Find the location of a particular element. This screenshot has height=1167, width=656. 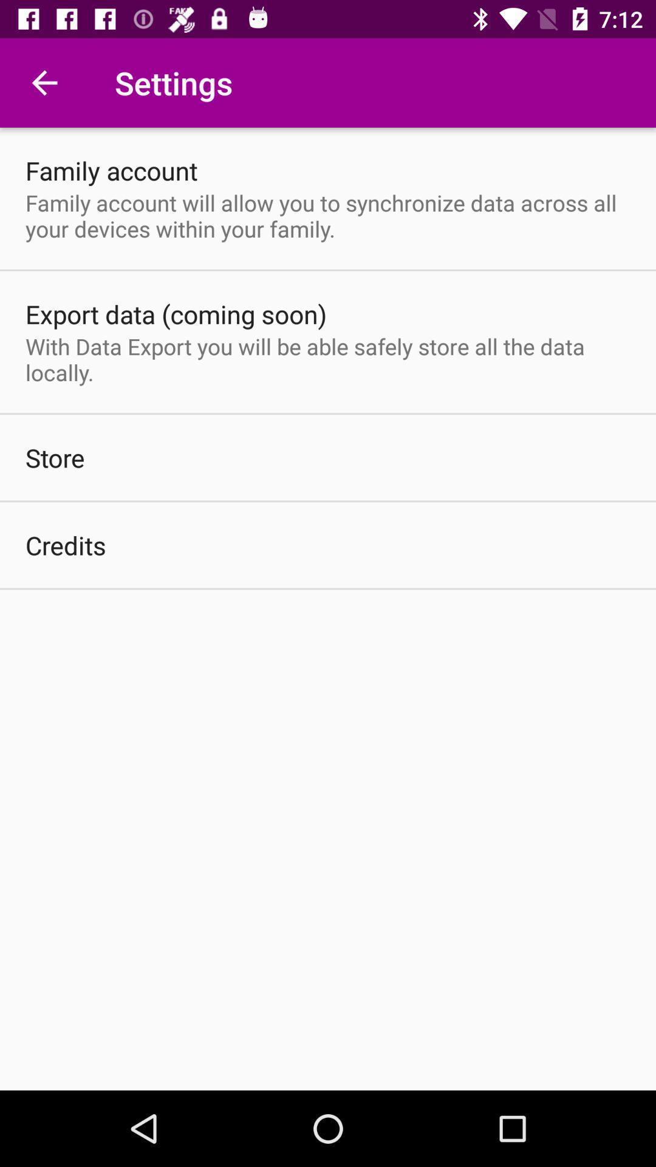

the credits icon is located at coordinates (66, 545).